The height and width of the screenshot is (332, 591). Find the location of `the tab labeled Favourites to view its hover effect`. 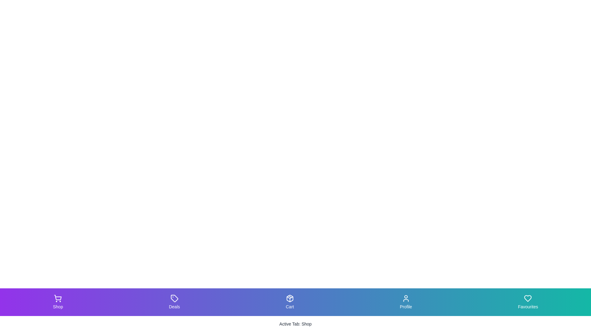

the tab labeled Favourites to view its hover effect is located at coordinates (527, 302).